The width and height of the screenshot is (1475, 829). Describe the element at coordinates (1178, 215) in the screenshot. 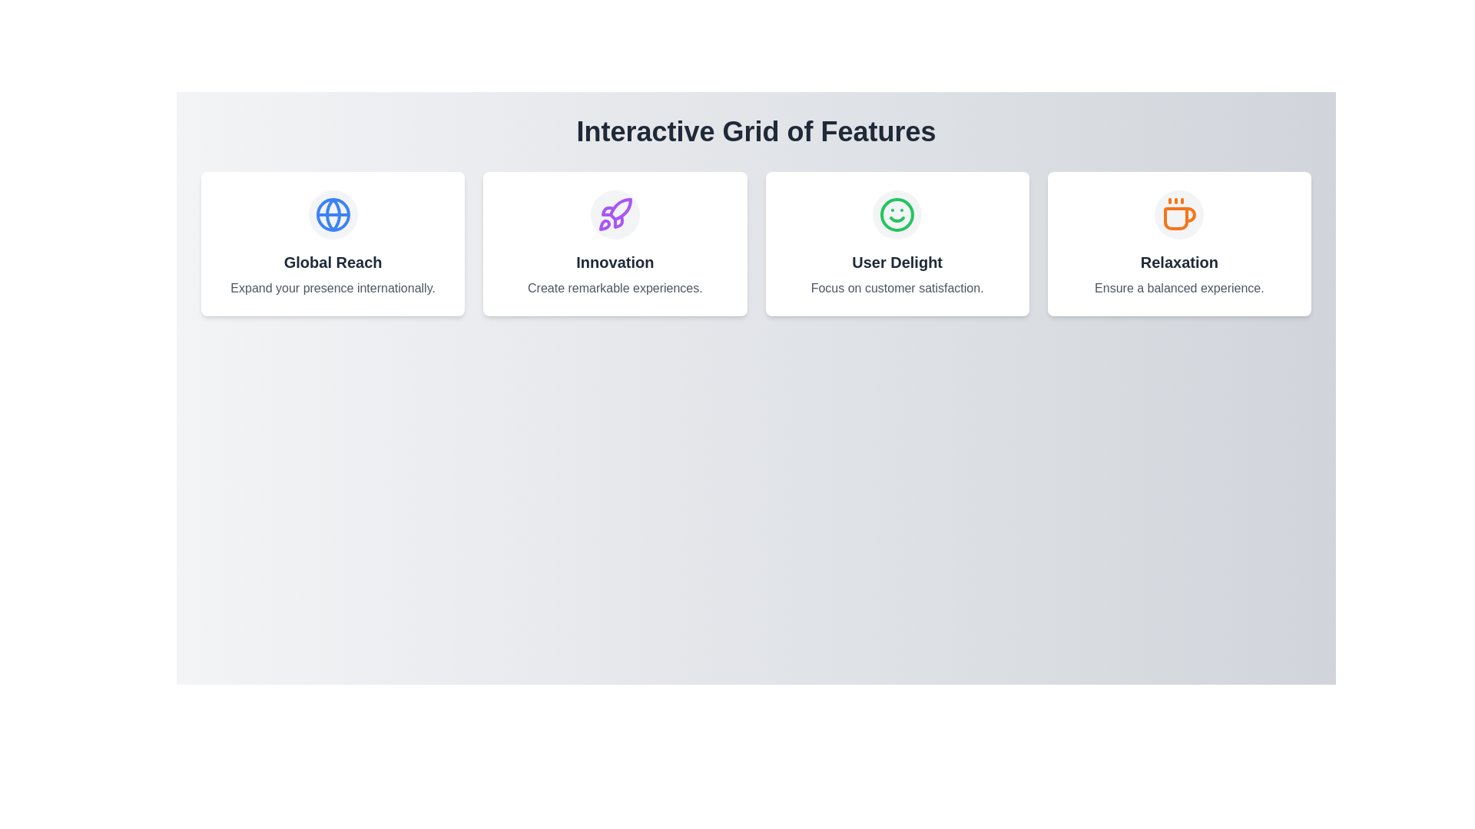

I see `the decorative icon within the fourth feature card labeled 'Relaxation', which is positioned in a horizontal grid layout` at that location.